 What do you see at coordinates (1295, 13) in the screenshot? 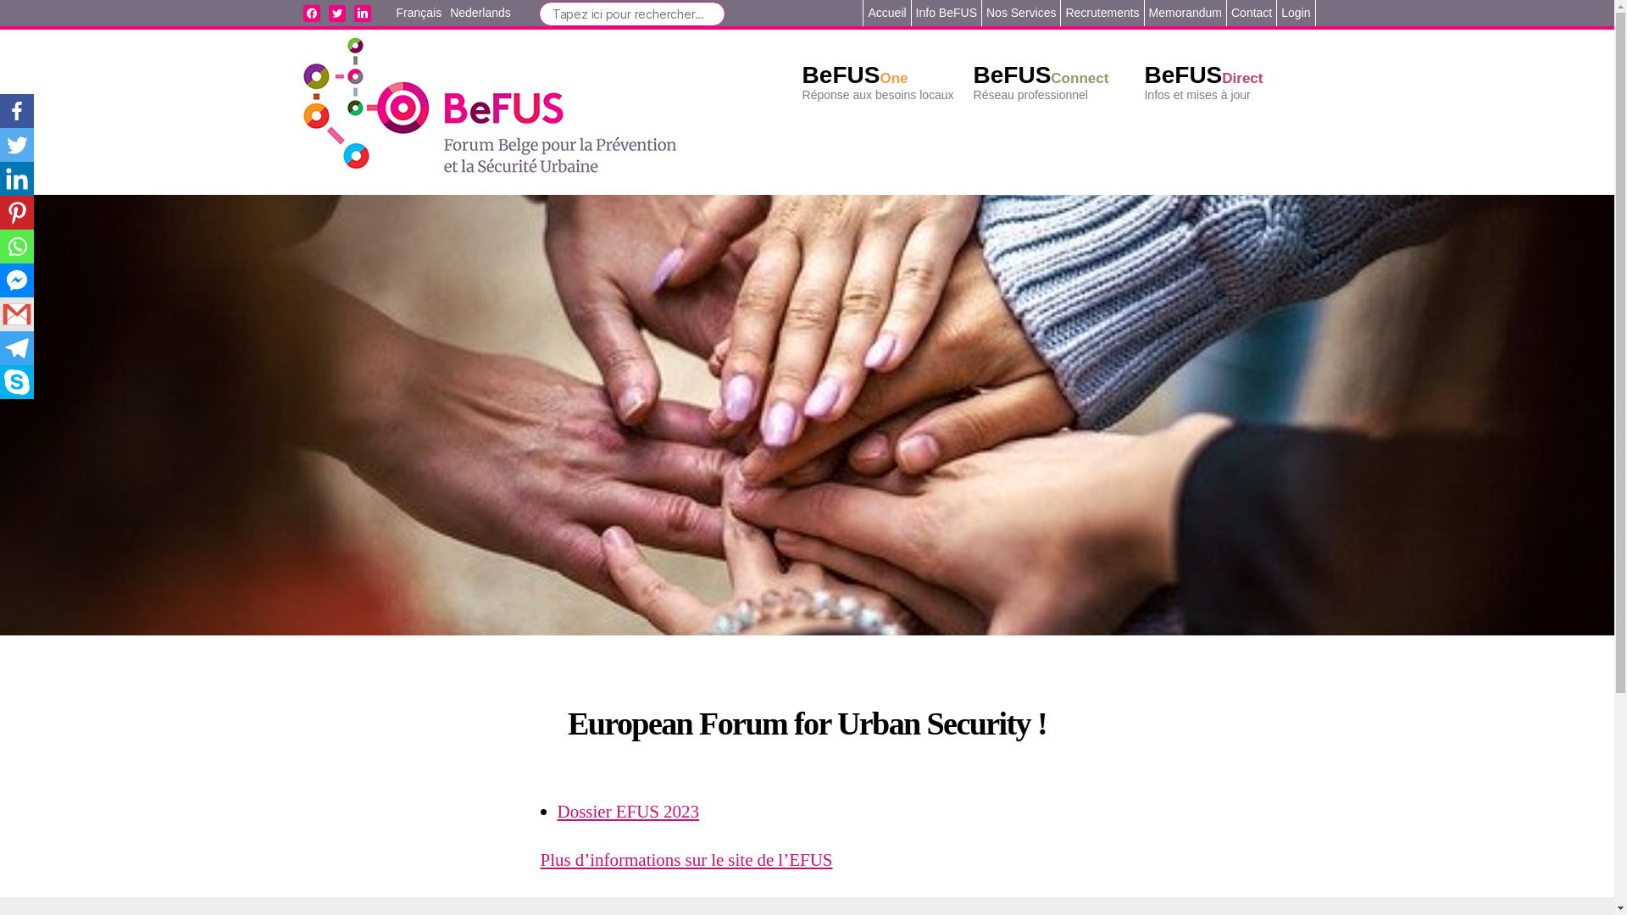
I see `'Login'` at bounding box center [1295, 13].